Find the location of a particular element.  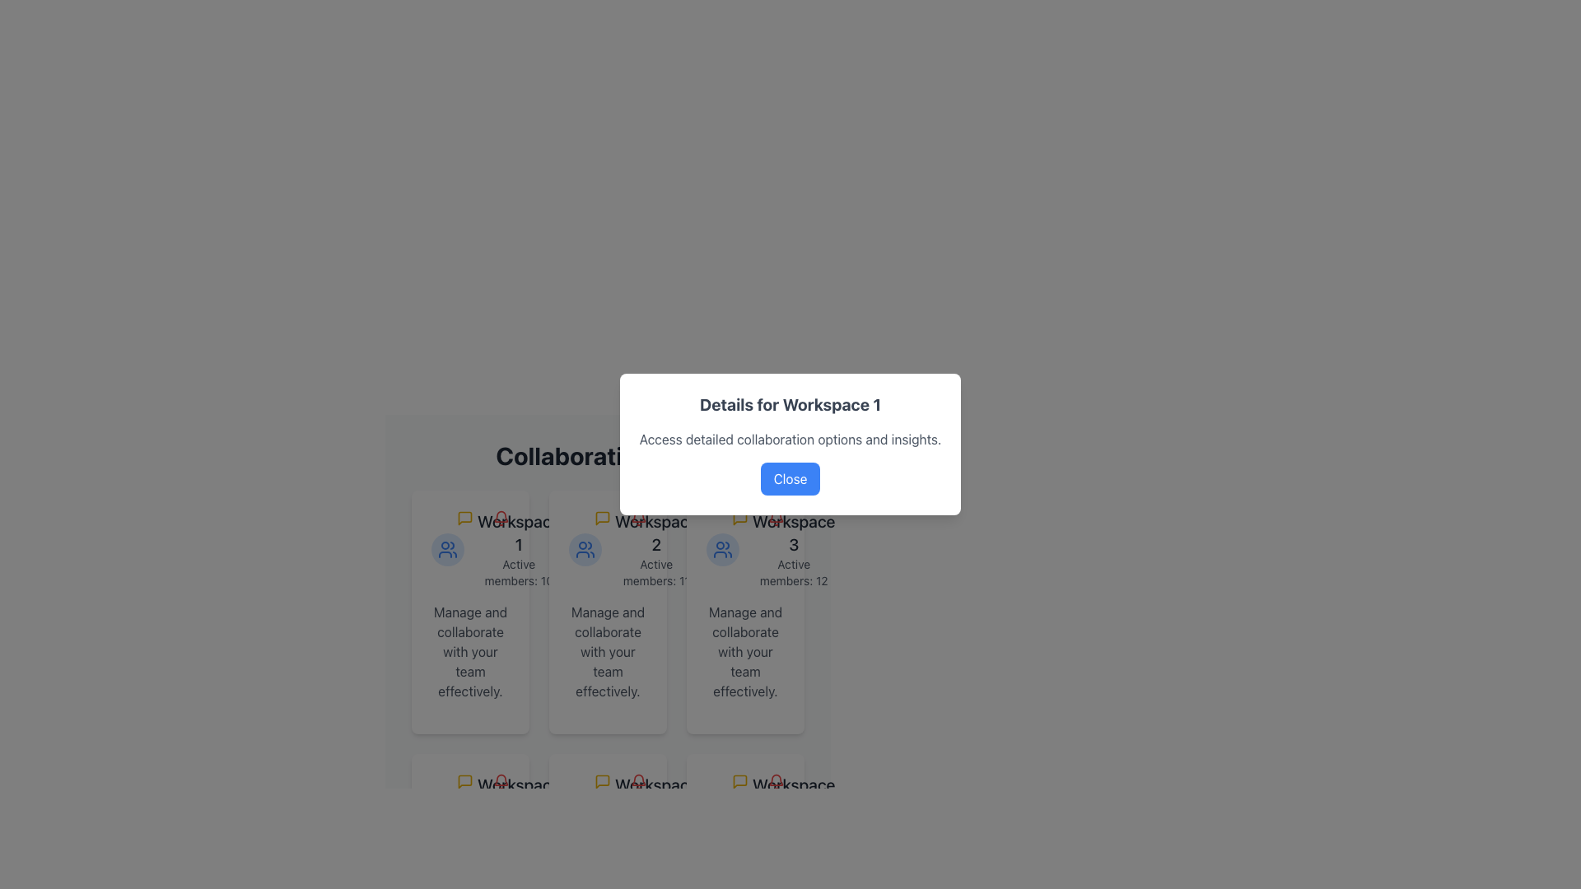

the yellow dialog bubble icon in the top-right corner of the 'Workspace 3' card is located at coordinates (758, 517).